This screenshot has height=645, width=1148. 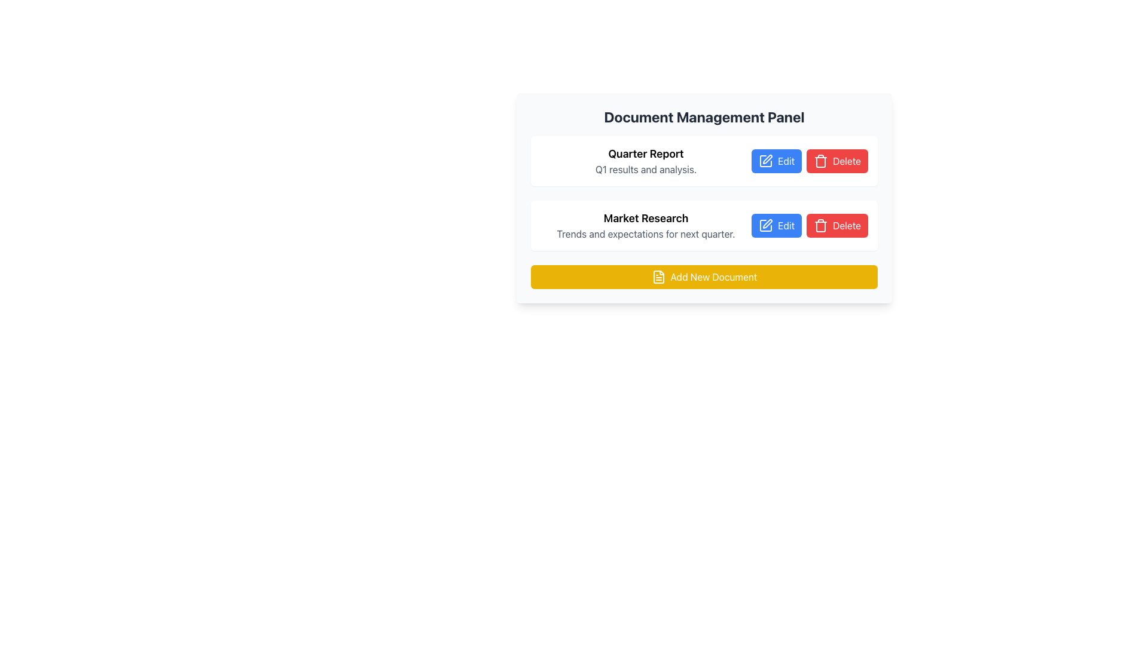 What do you see at coordinates (810, 226) in the screenshot?
I see `the Action button group located in the 'Market Research' section, adjacent to 'Trends and expectations for next quarter'` at bounding box center [810, 226].